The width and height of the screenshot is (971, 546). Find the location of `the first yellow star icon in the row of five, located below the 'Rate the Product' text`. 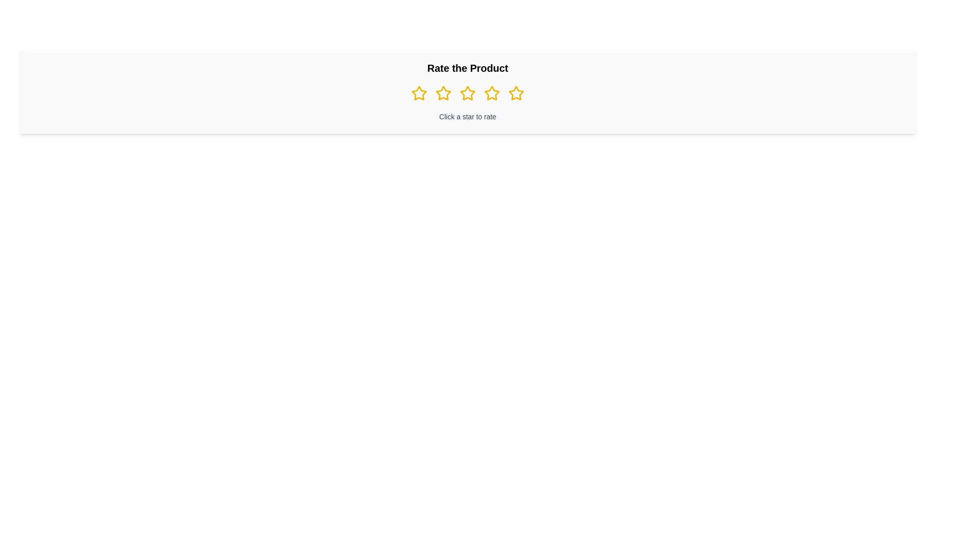

the first yellow star icon in the row of five, located below the 'Rate the Product' text is located at coordinates (419, 93).